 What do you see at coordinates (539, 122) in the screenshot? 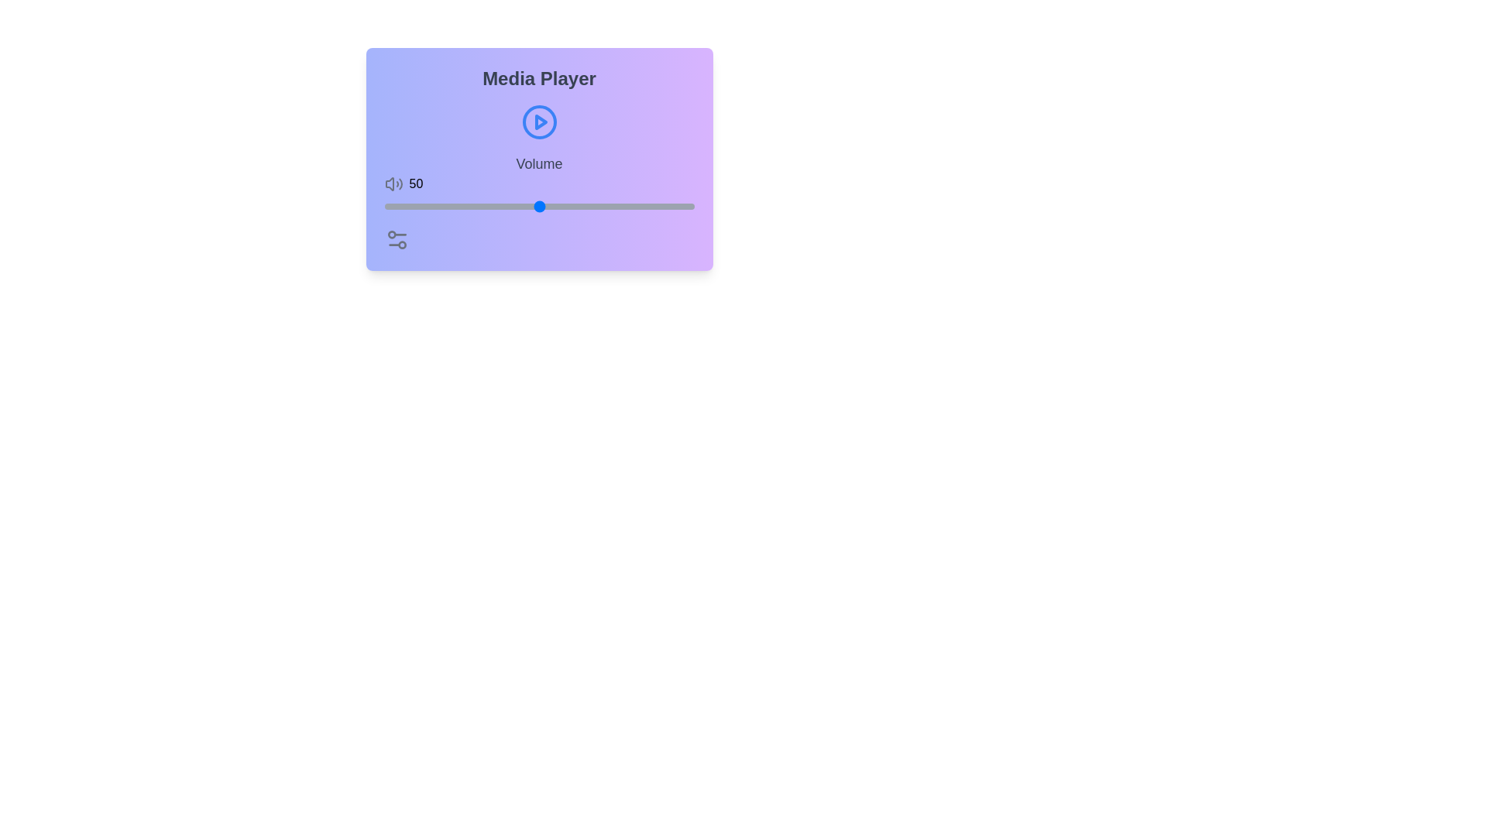
I see `the play button icon located in the purple media player interface` at bounding box center [539, 122].